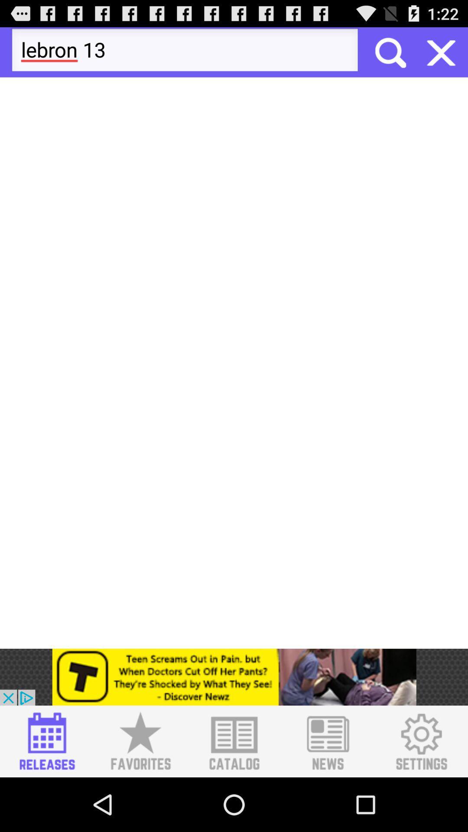 The image size is (468, 832). Describe the element at coordinates (389, 52) in the screenshot. I see `serch` at that location.